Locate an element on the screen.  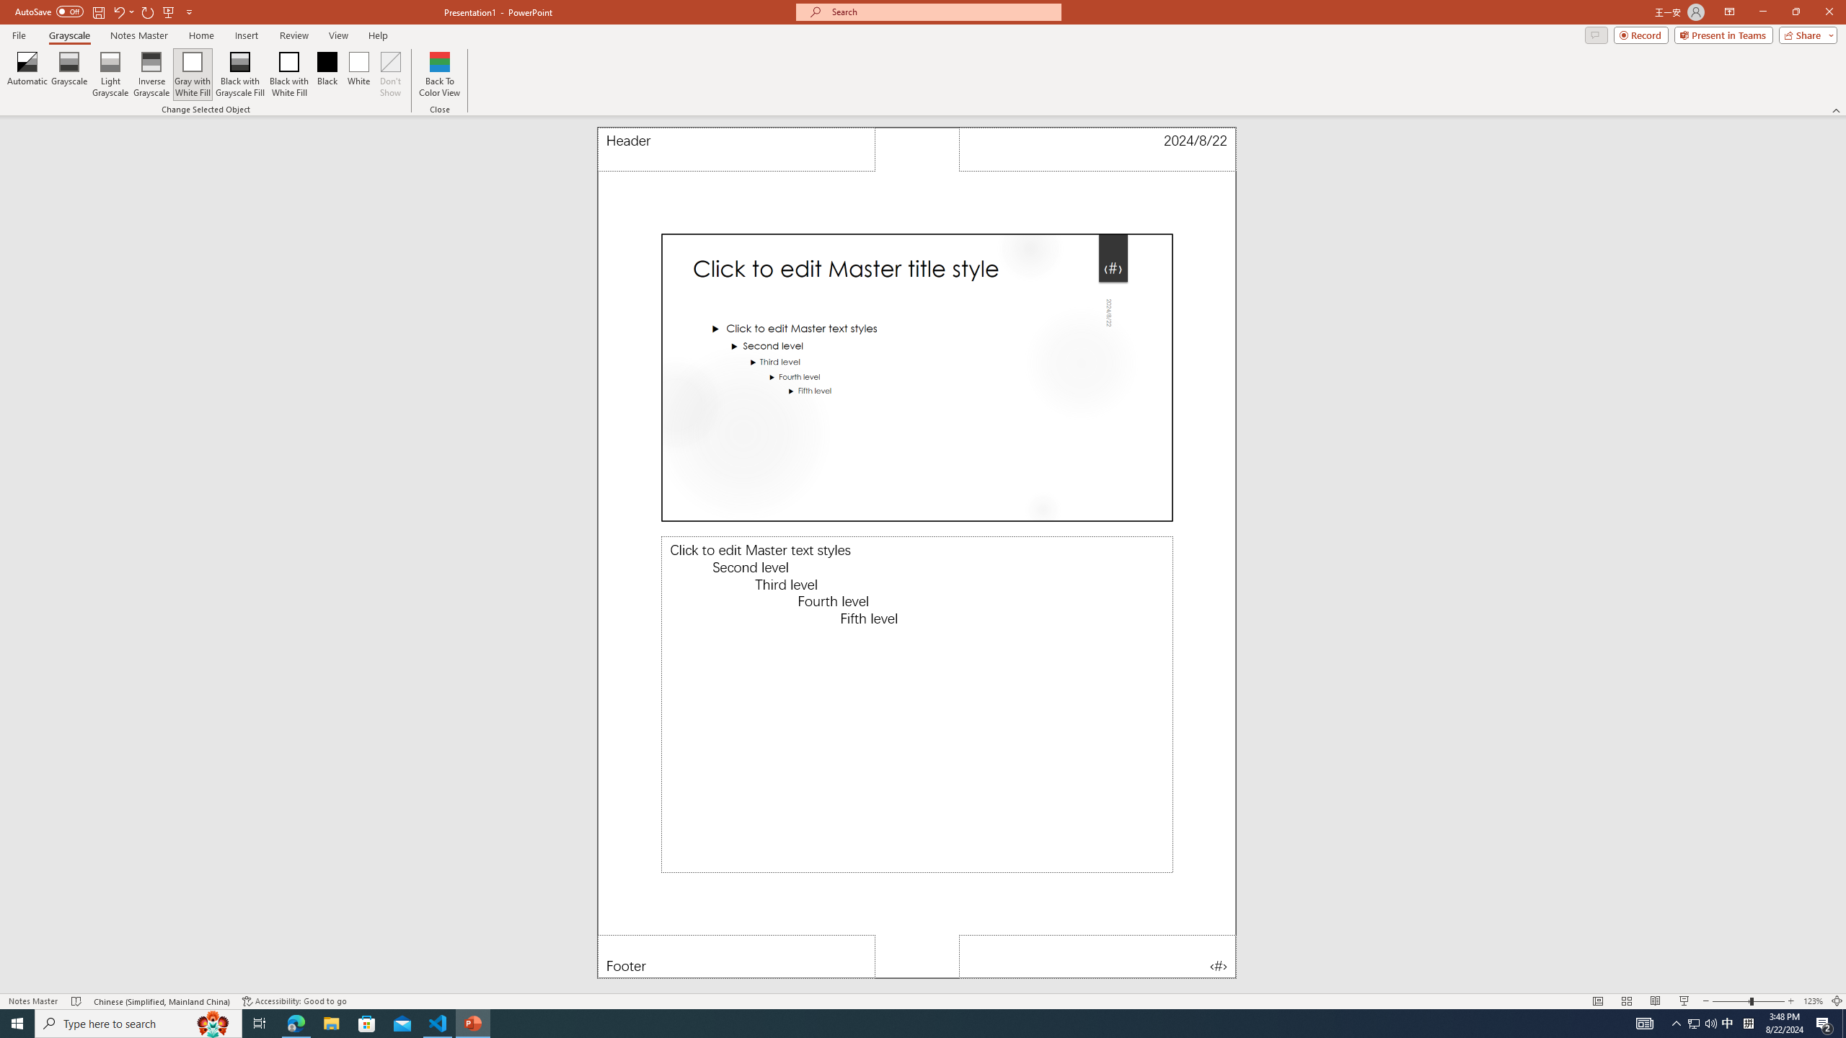
'Notes Master' is located at coordinates (138, 35).